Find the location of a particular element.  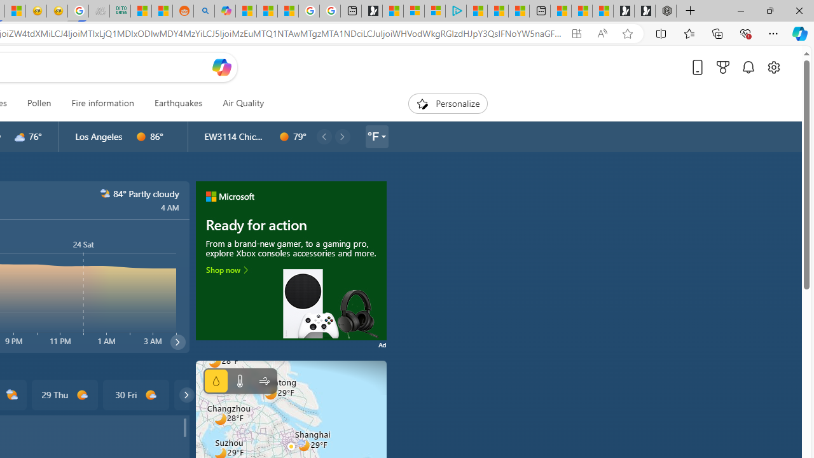

'Earthquakes' is located at coordinates (177, 103).